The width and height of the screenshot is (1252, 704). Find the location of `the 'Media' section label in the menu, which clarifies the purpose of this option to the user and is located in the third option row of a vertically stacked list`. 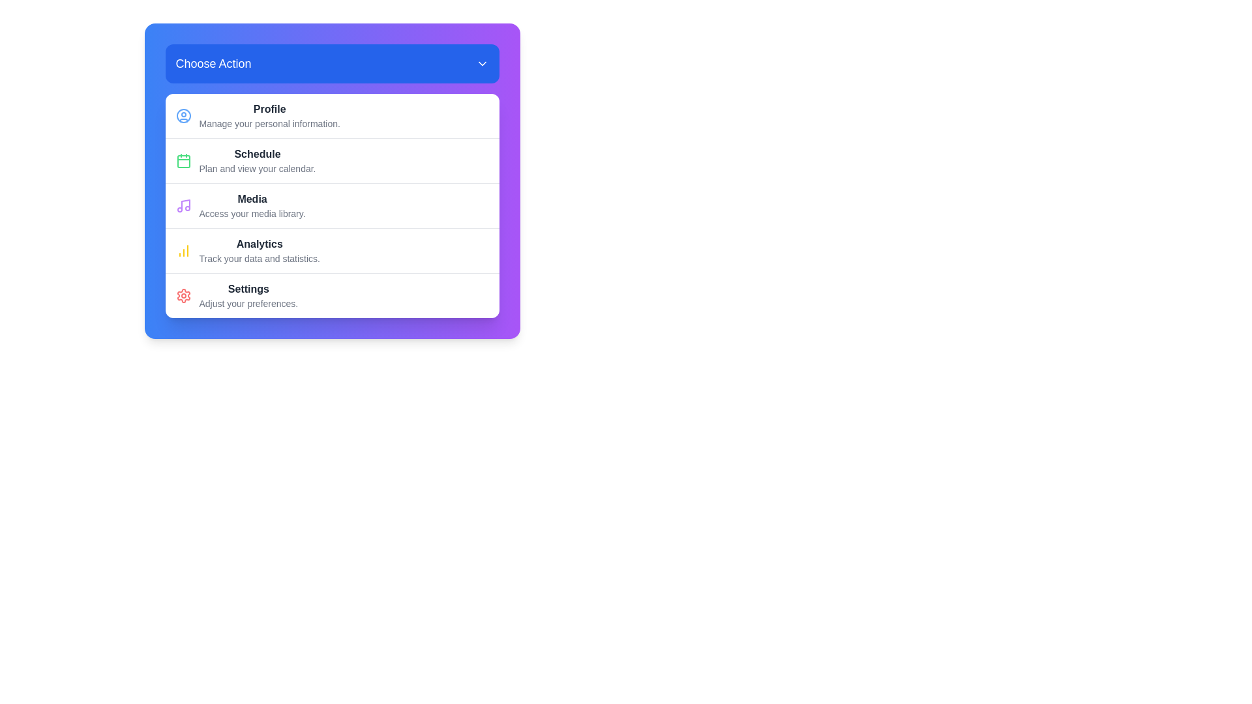

the 'Media' section label in the menu, which clarifies the purpose of this option to the user and is located in the third option row of a vertically stacked list is located at coordinates (252, 199).